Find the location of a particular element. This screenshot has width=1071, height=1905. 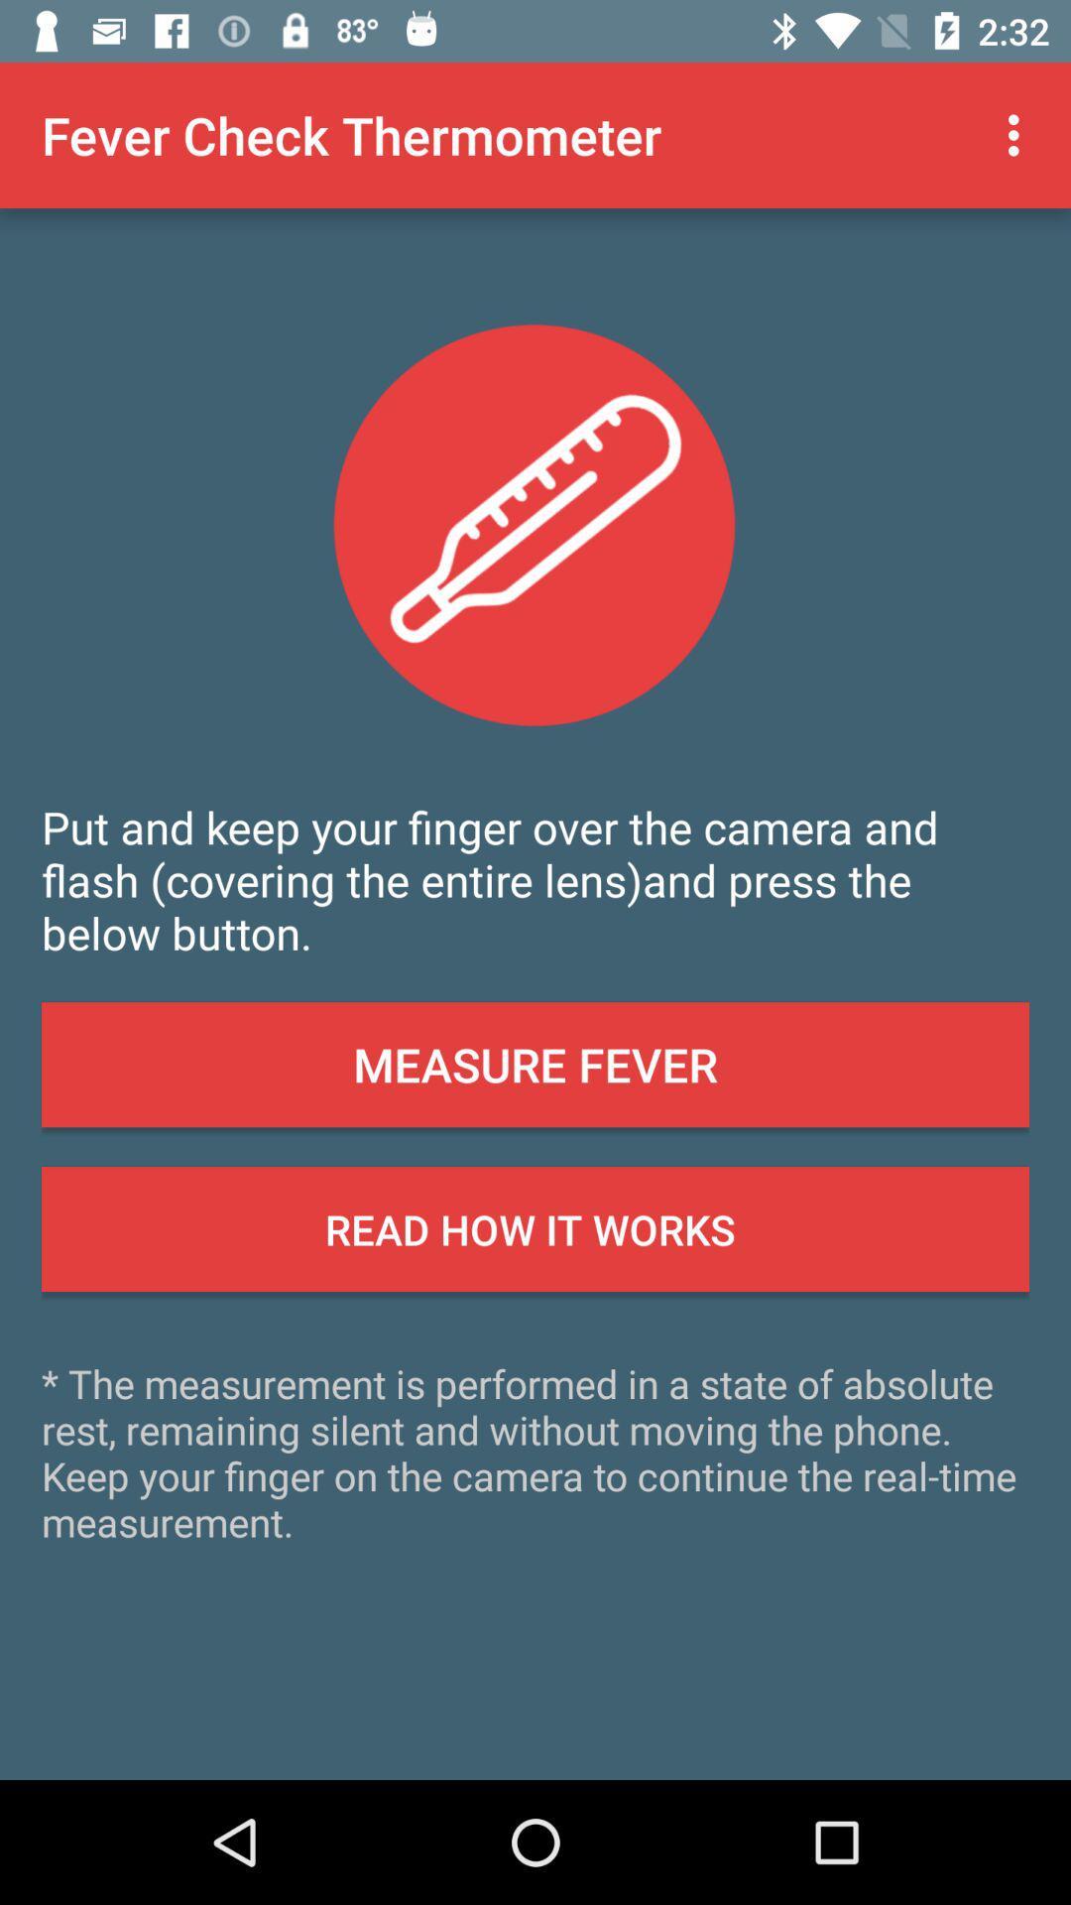

the app next to the fever check thermometer app is located at coordinates (1018, 134).